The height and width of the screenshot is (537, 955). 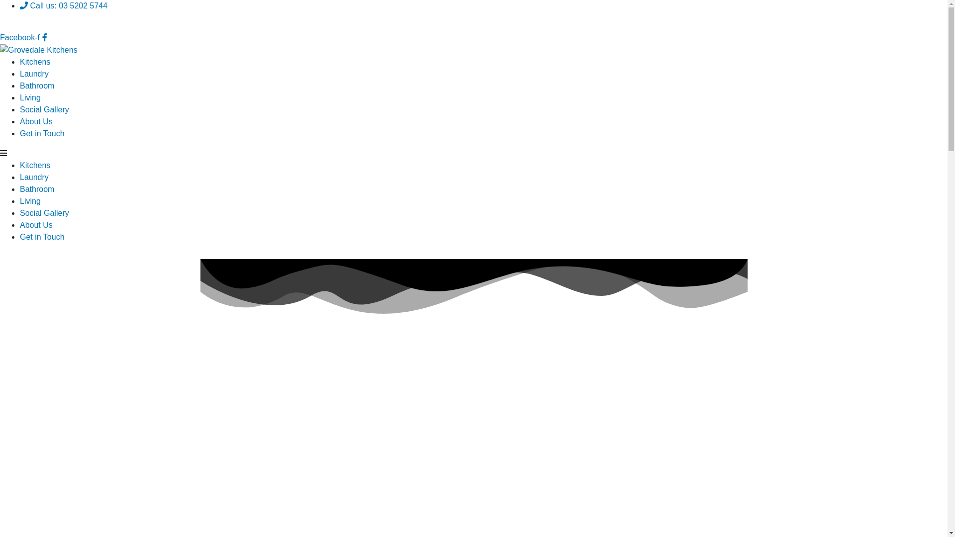 I want to click on 'Social Gallery', so click(x=19, y=212).